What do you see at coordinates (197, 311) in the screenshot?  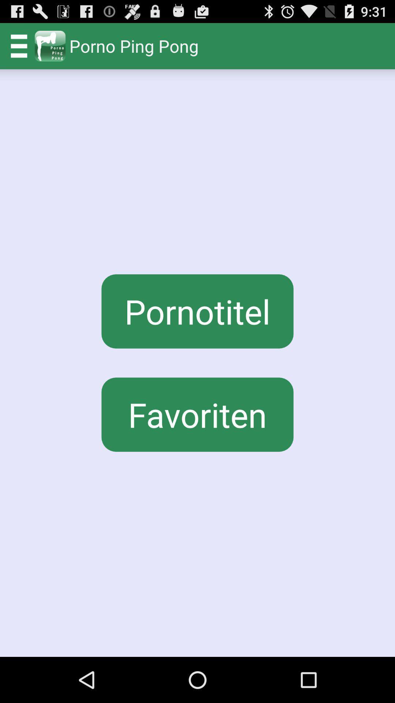 I see `pornotitel icon` at bounding box center [197, 311].